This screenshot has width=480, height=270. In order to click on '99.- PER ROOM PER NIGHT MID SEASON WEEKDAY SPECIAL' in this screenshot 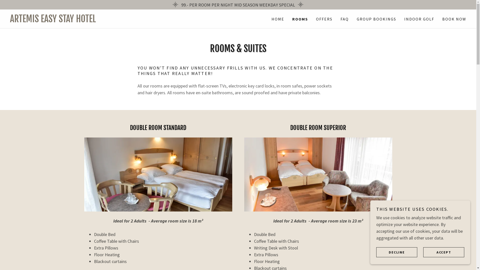, I will do `click(238, 5)`.